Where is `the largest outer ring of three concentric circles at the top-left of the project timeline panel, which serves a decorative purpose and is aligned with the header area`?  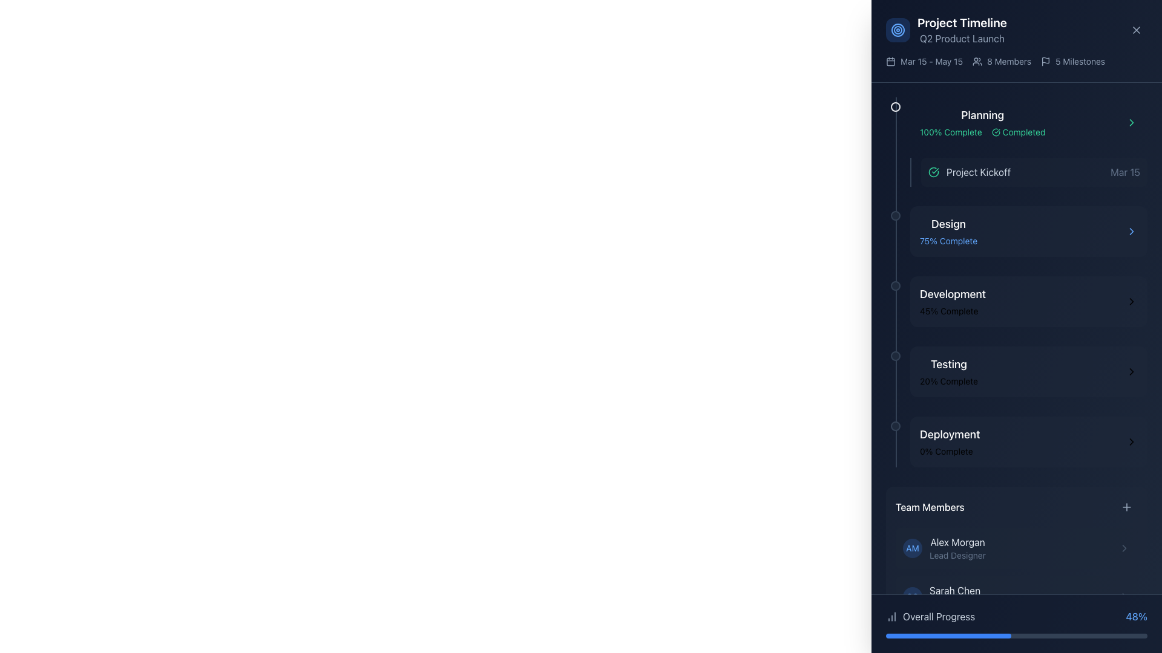 the largest outer ring of three concentric circles at the top-left of the project timeline panel, which serves a decorative purpose and is aligned with the header area is located at coordinates (898, 30).